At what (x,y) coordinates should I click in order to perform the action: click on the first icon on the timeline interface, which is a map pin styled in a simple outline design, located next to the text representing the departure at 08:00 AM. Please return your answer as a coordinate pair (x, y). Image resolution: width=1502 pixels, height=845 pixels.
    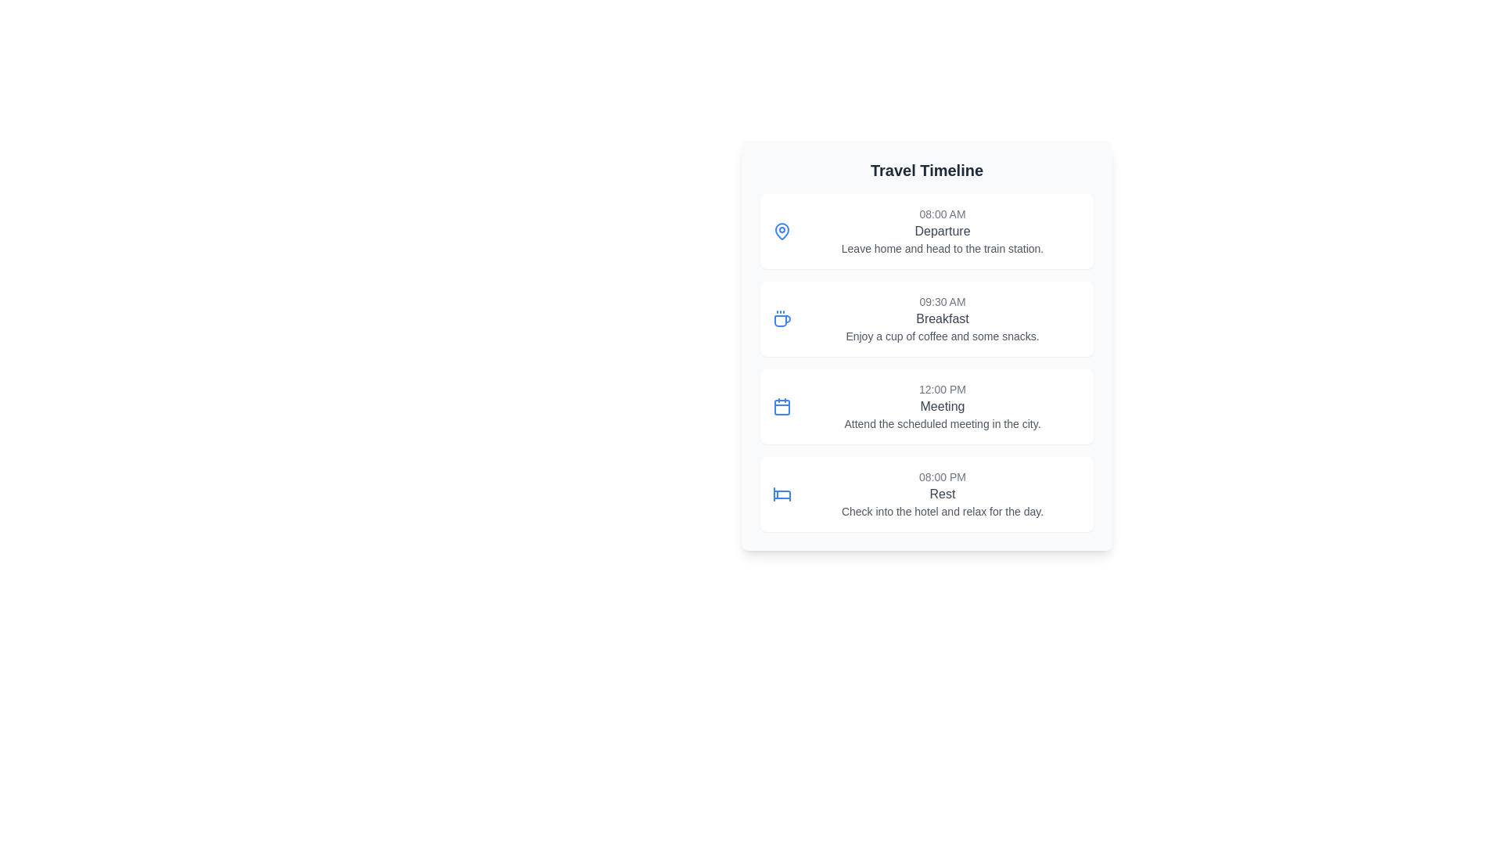
    Looking at the image, I should click on (782, 230).